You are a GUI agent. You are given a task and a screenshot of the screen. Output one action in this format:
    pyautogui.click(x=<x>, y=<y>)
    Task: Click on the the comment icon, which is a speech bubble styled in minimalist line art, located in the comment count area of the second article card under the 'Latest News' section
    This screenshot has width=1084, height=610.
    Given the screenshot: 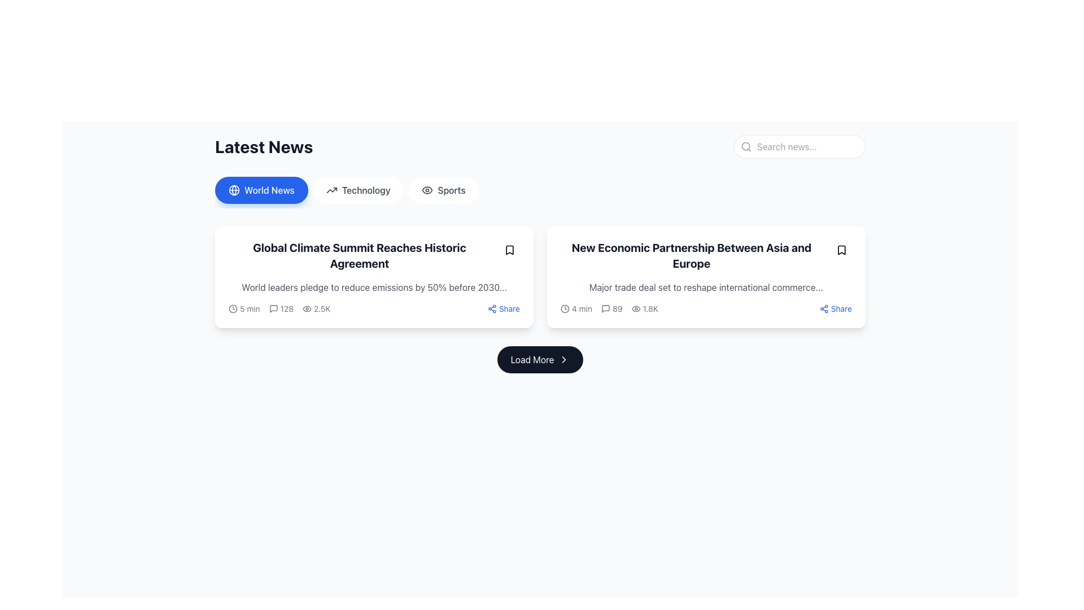 What is the action you would take?
    pyautogui.click(x=273, y=309)
    